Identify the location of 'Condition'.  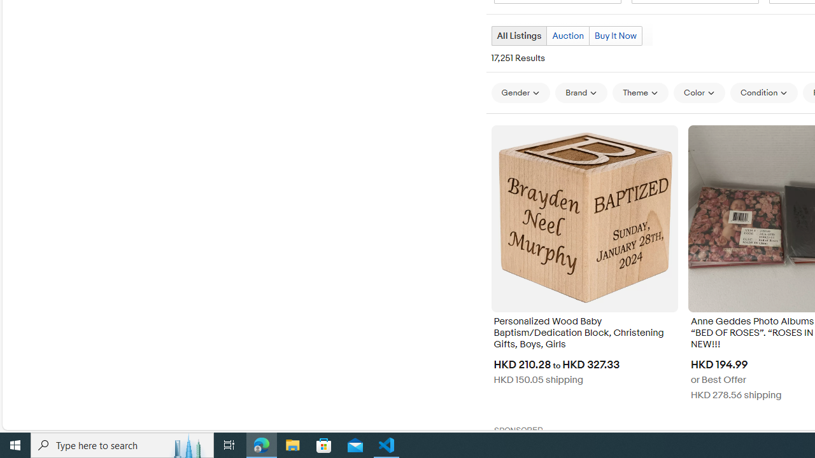
(764, 92).